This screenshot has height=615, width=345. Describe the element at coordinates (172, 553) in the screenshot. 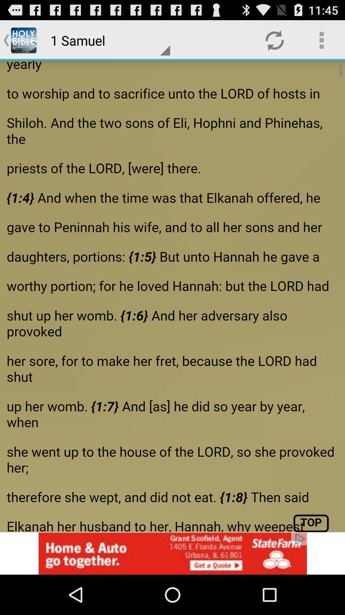

I see `advertisement bar` at that location.